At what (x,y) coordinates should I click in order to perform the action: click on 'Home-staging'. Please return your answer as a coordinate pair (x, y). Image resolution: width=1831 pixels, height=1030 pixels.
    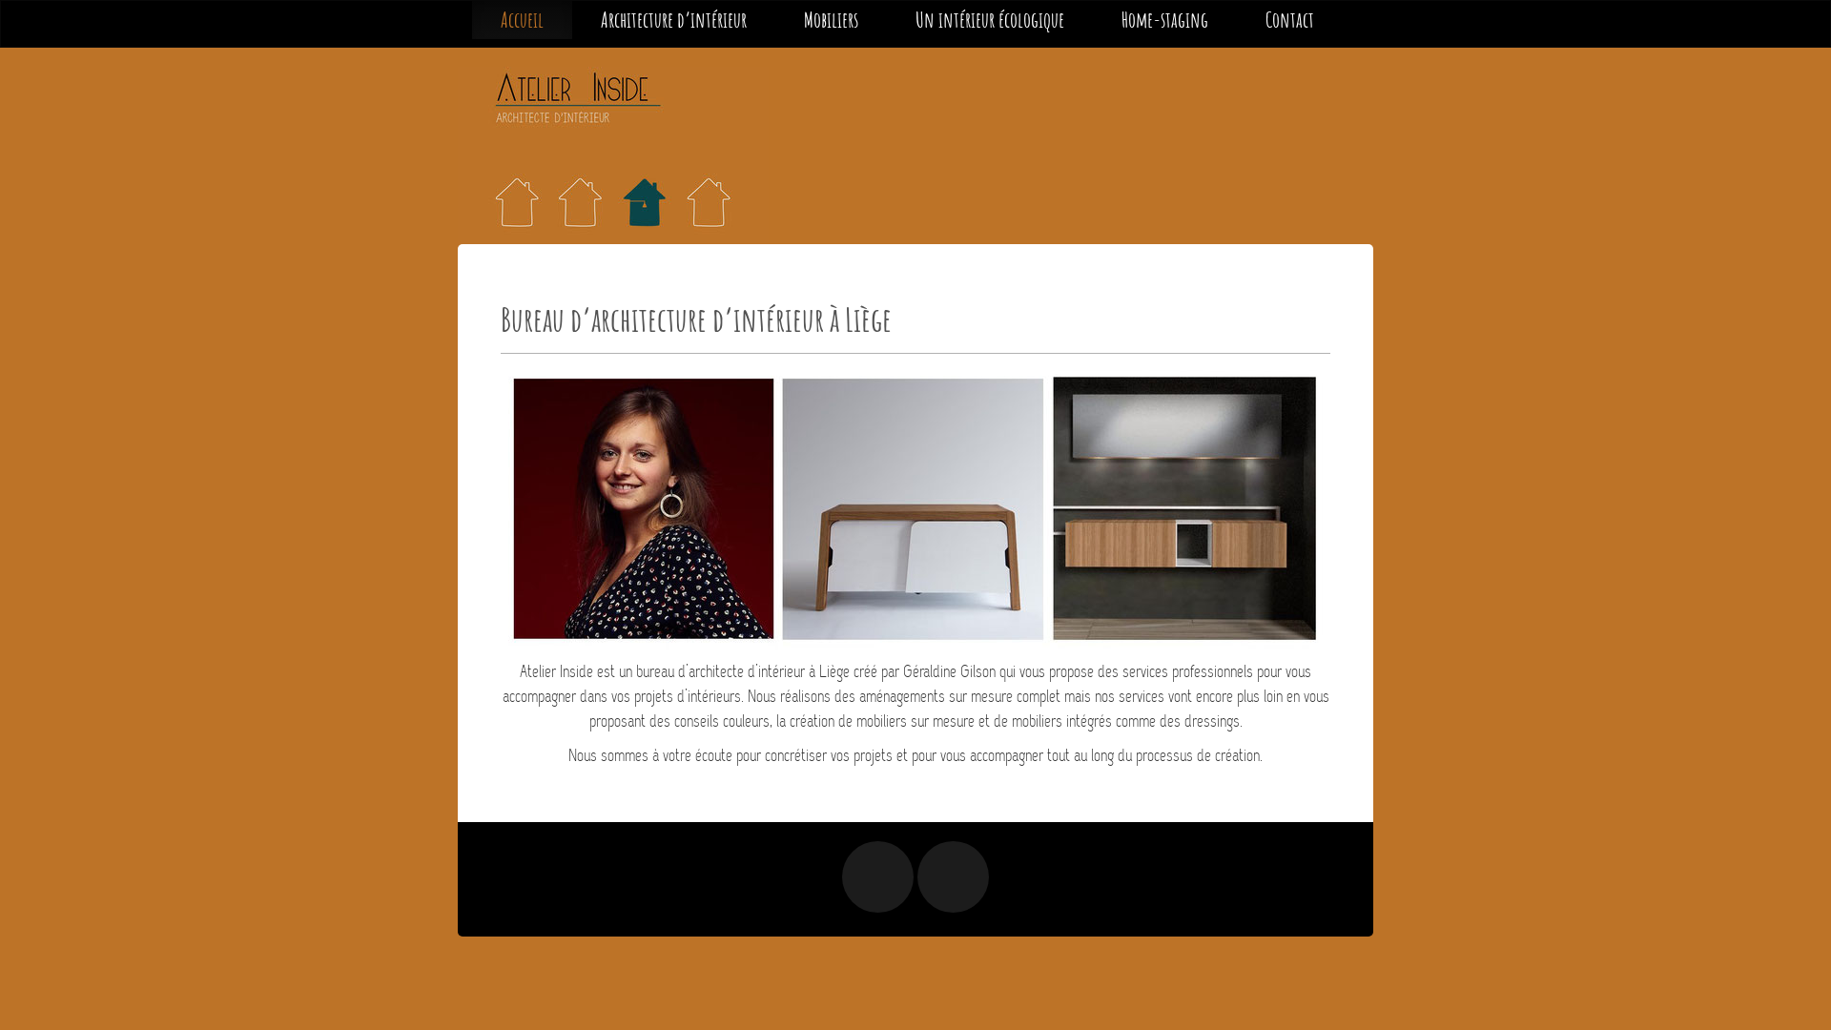
    Looking at the image, I should click on (1093, 19).